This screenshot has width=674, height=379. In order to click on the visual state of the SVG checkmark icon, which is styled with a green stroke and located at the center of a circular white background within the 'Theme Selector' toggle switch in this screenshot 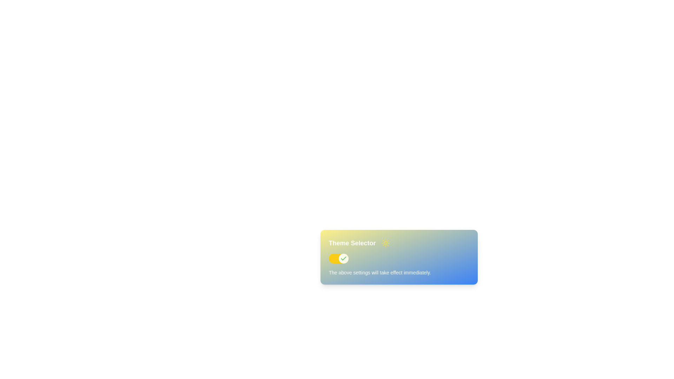, I will do `click(343, 258)`.